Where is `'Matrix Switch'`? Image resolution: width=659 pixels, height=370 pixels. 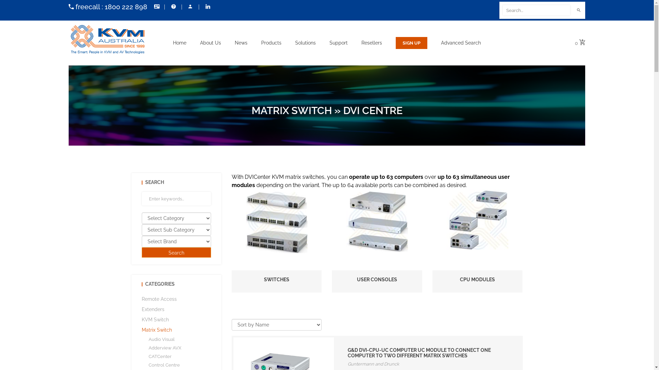 'Matrix Switch' is located at coordinates (156, 330).